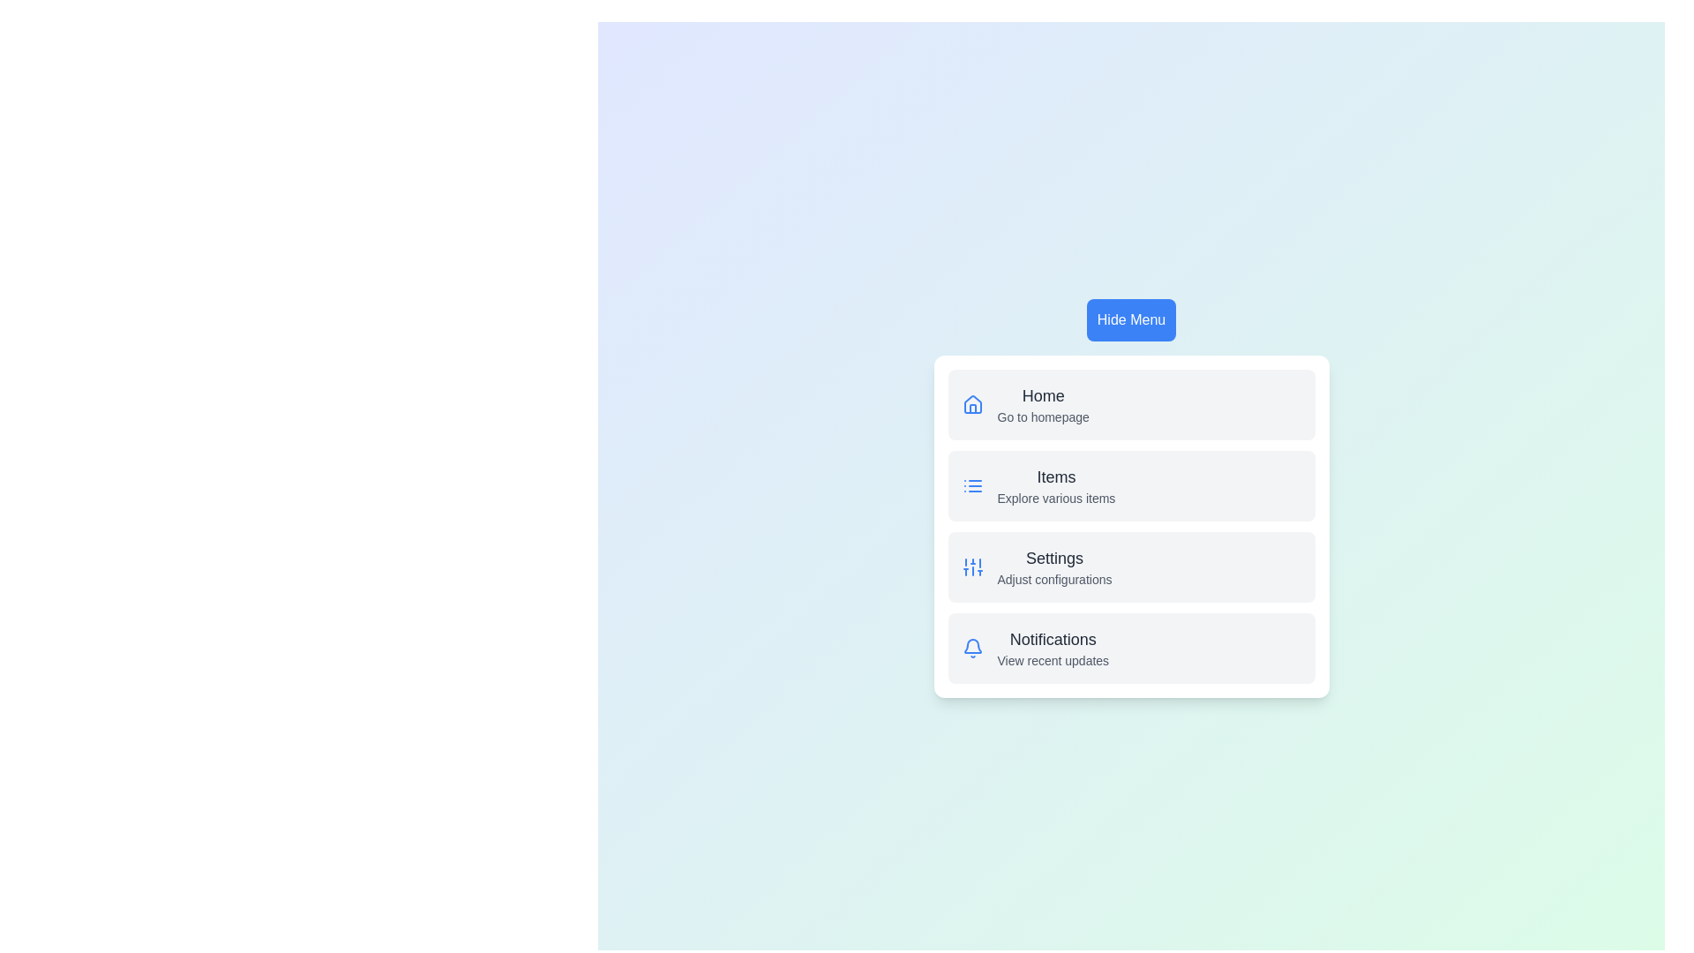 Image resolution: width=1694 pixels, height=953 pixels. I want to click on the menu item labeled Items to observe the hover state change, so click(1131, 486).